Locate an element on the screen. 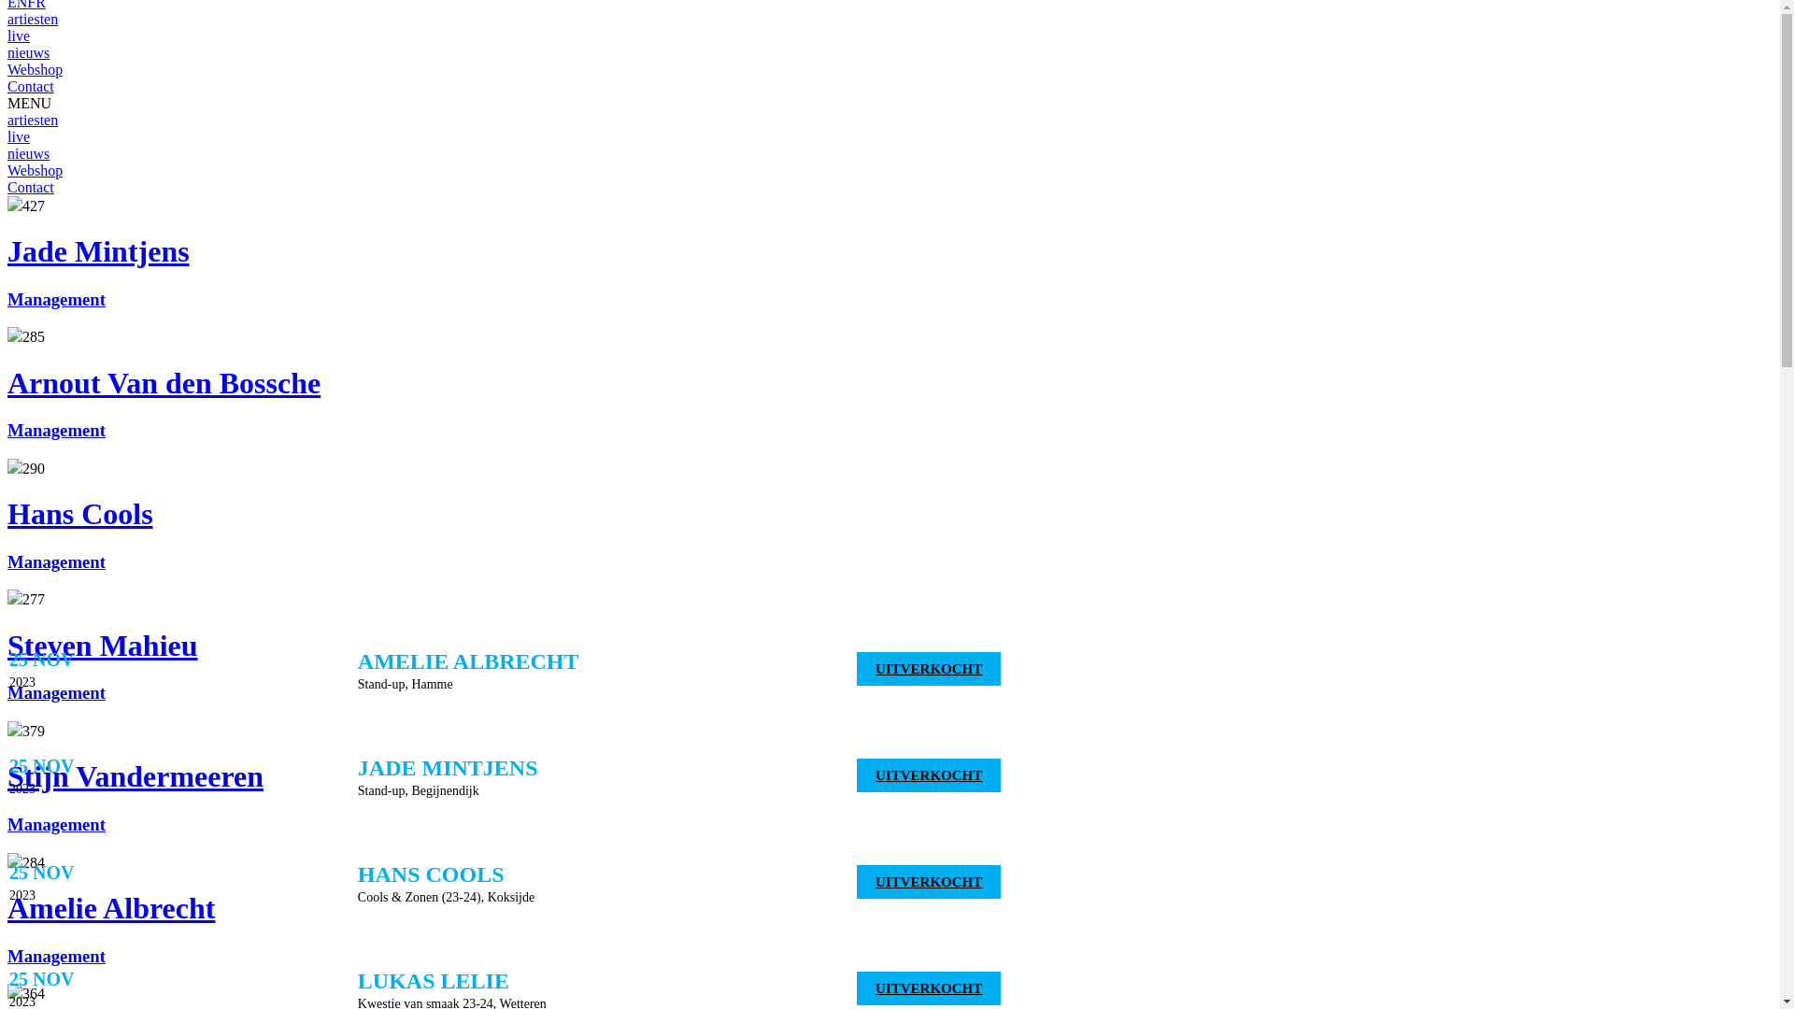  'nieuws' is located at coordinates (28, 51).